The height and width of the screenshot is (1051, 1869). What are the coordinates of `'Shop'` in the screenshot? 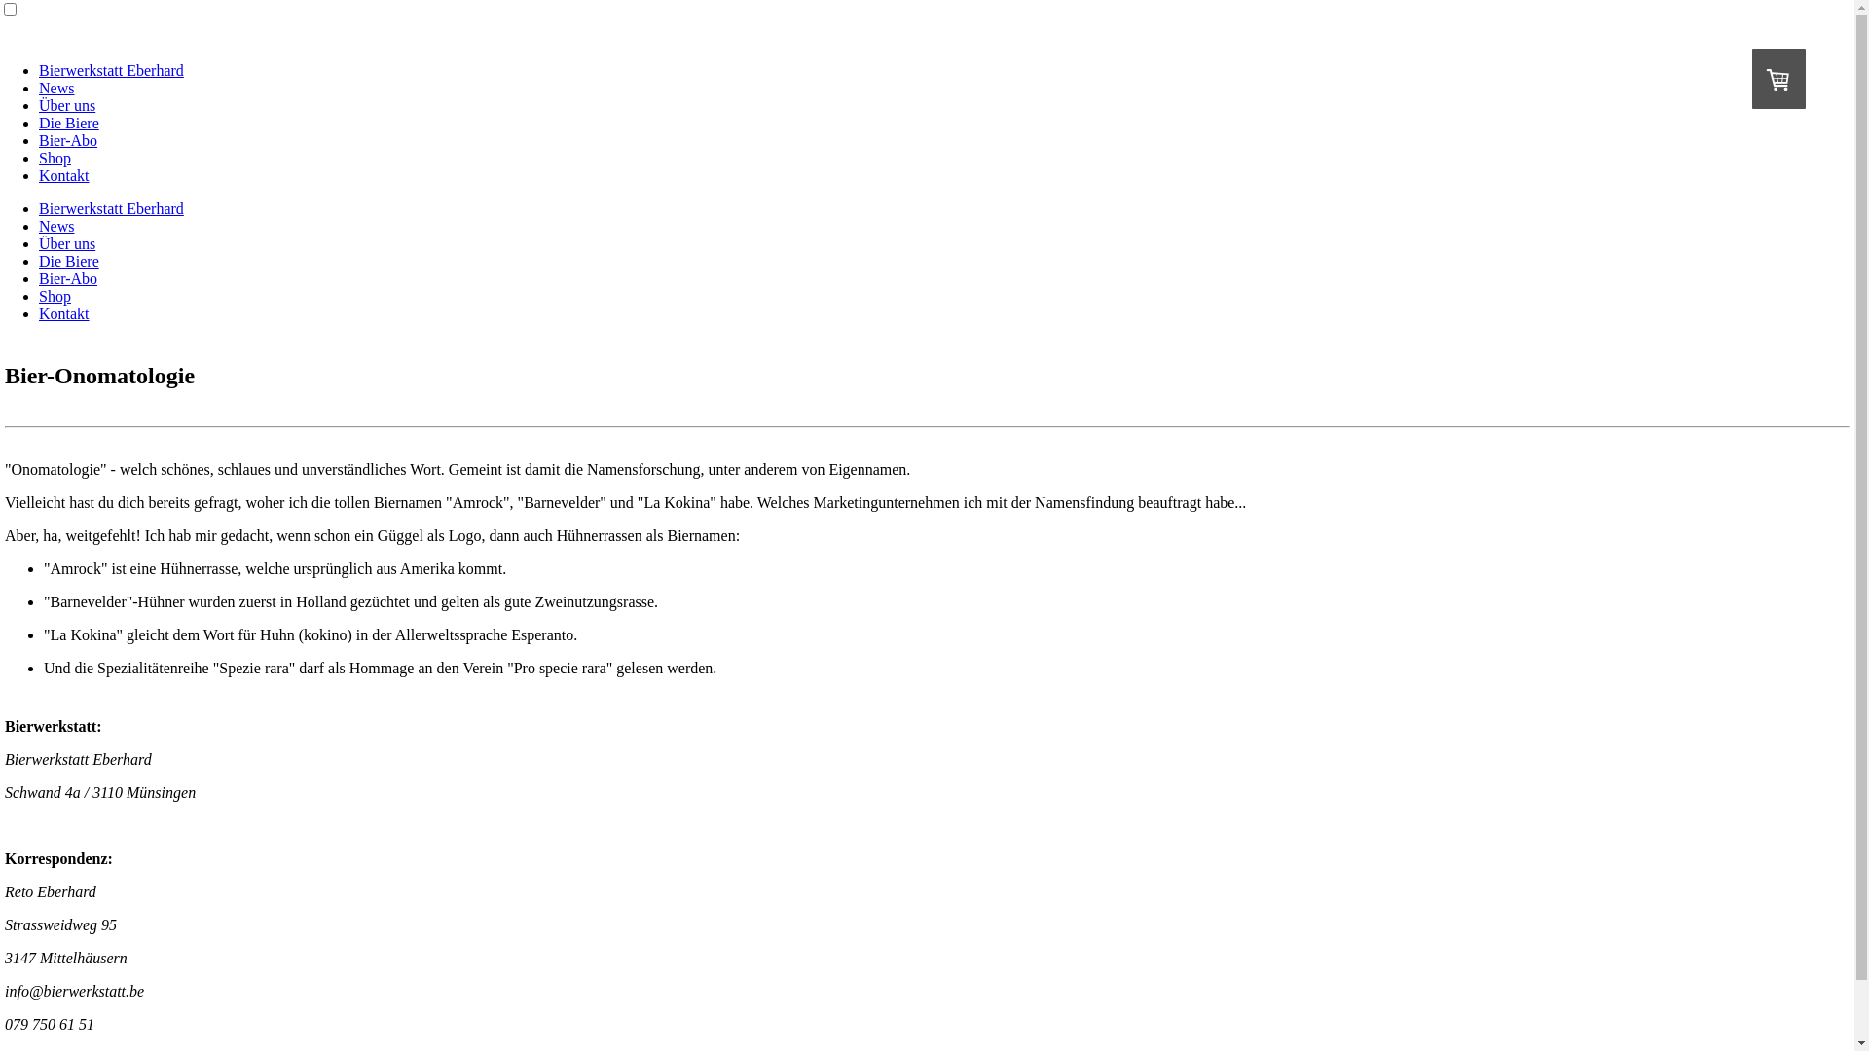 It's located at (55, 157).